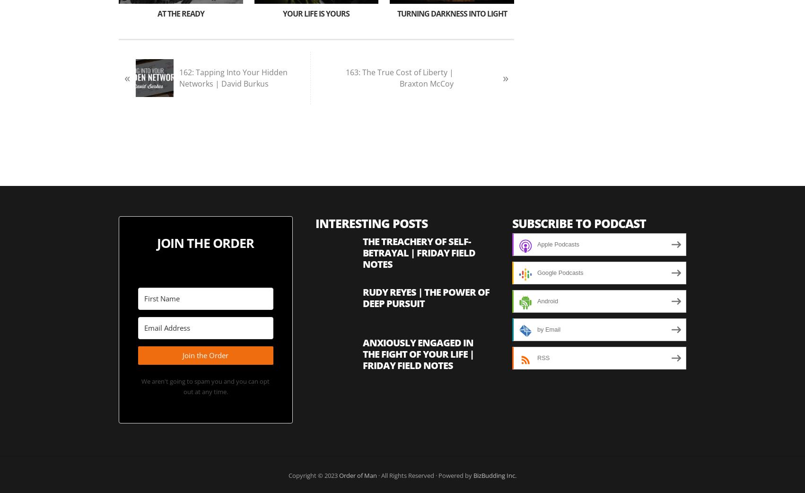 This screenshot has width=805, height=493. What do you see at coordinates (451, 13) in the screenshot?
I see `'Turning Darkness Into Light'` at bounding box center [451, 13].